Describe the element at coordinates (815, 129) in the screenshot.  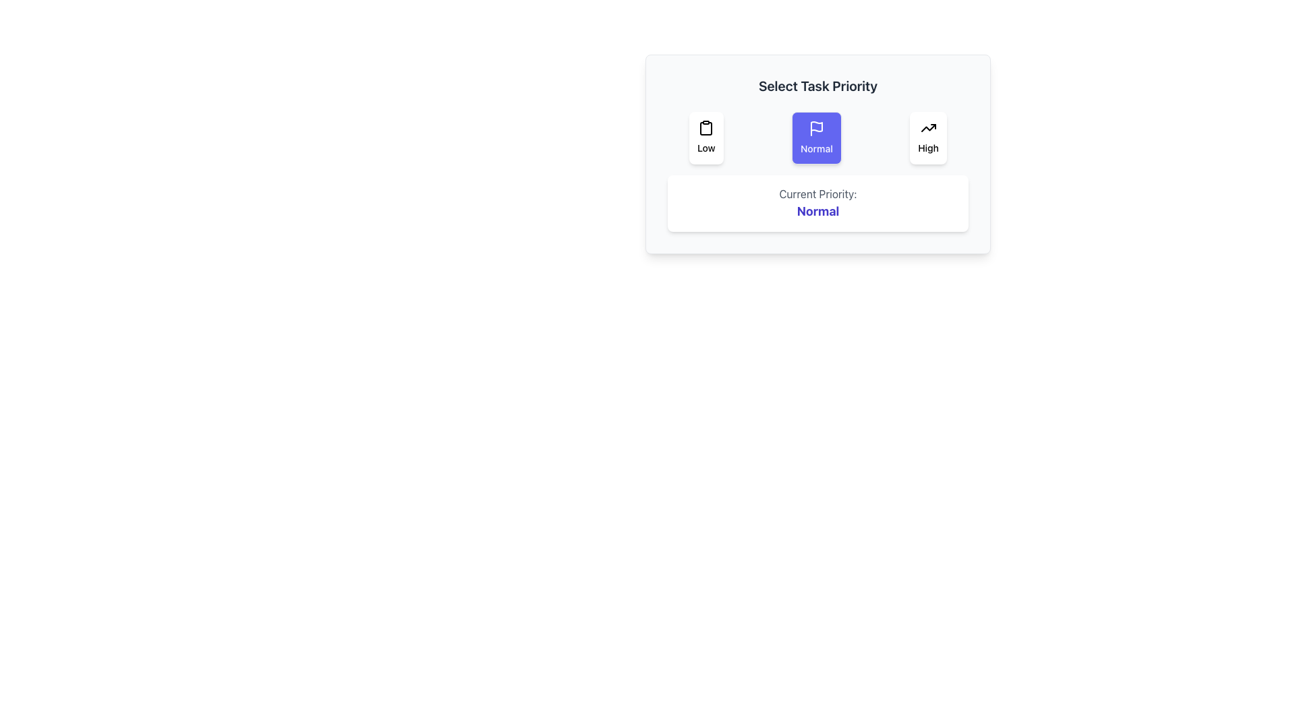
I see `the 'Normal' priority icon in the priority selection interface, which is visually distinct and highlighted in blue` at that location.